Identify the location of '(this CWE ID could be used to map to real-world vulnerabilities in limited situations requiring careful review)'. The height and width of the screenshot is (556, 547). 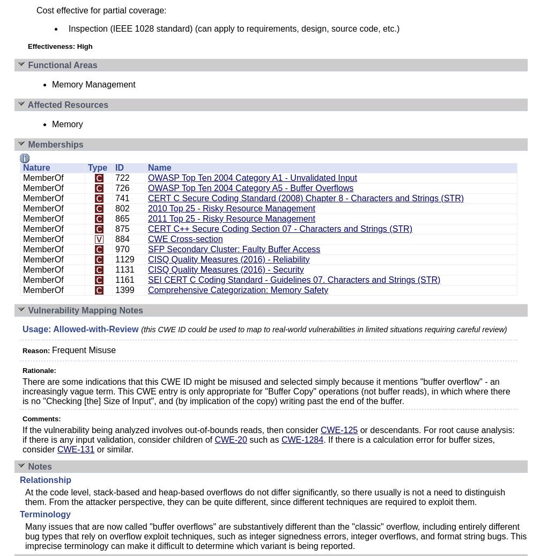
(323, 330).